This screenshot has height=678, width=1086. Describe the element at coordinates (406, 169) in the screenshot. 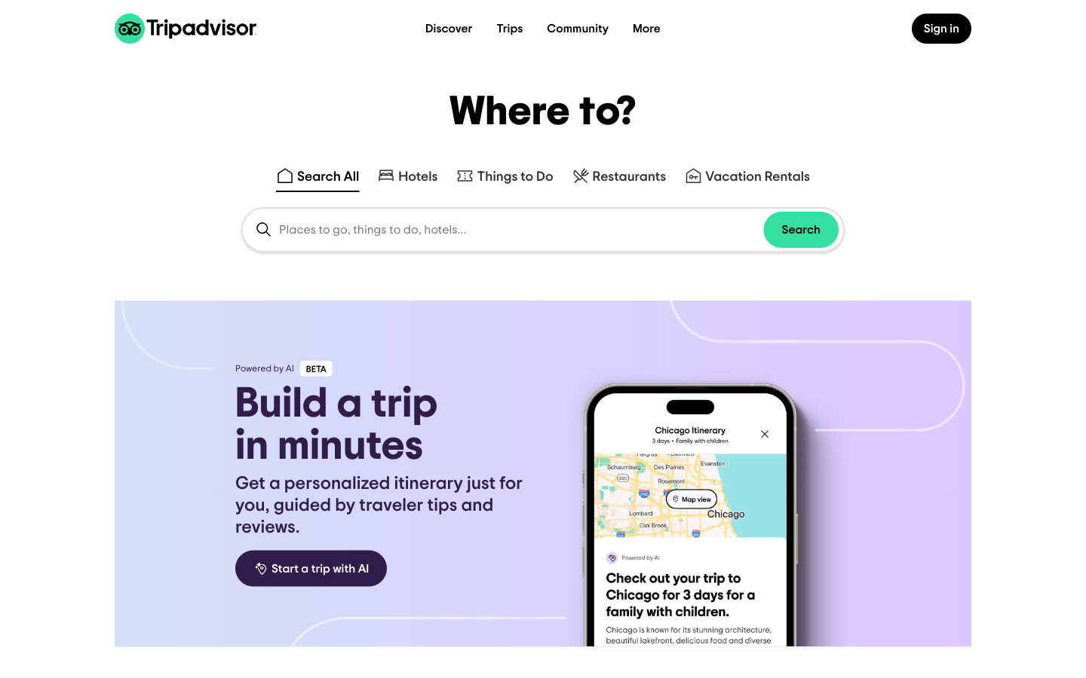

I see `Search Holiday Inn hotel locations` at that location.